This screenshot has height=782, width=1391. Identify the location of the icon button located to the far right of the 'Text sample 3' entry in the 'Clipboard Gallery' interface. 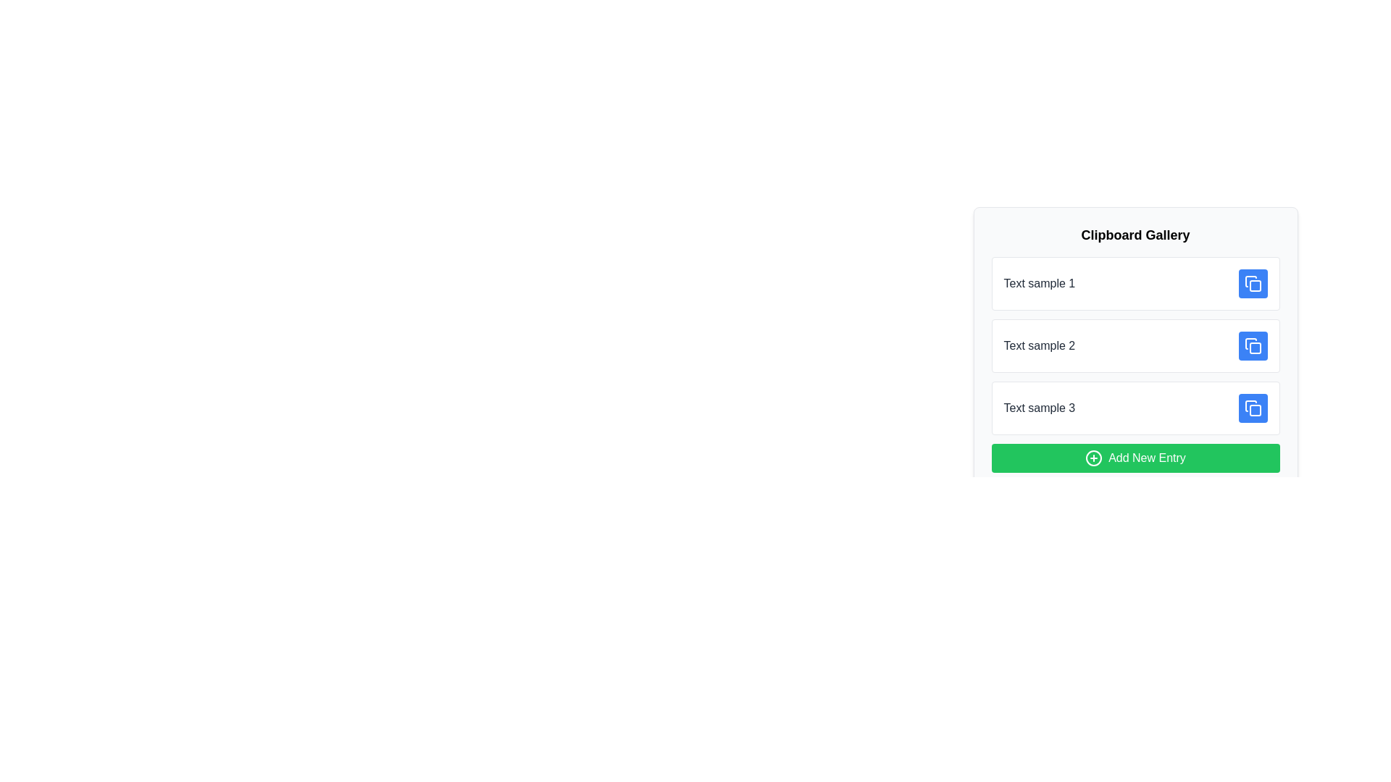
(1252, 408).